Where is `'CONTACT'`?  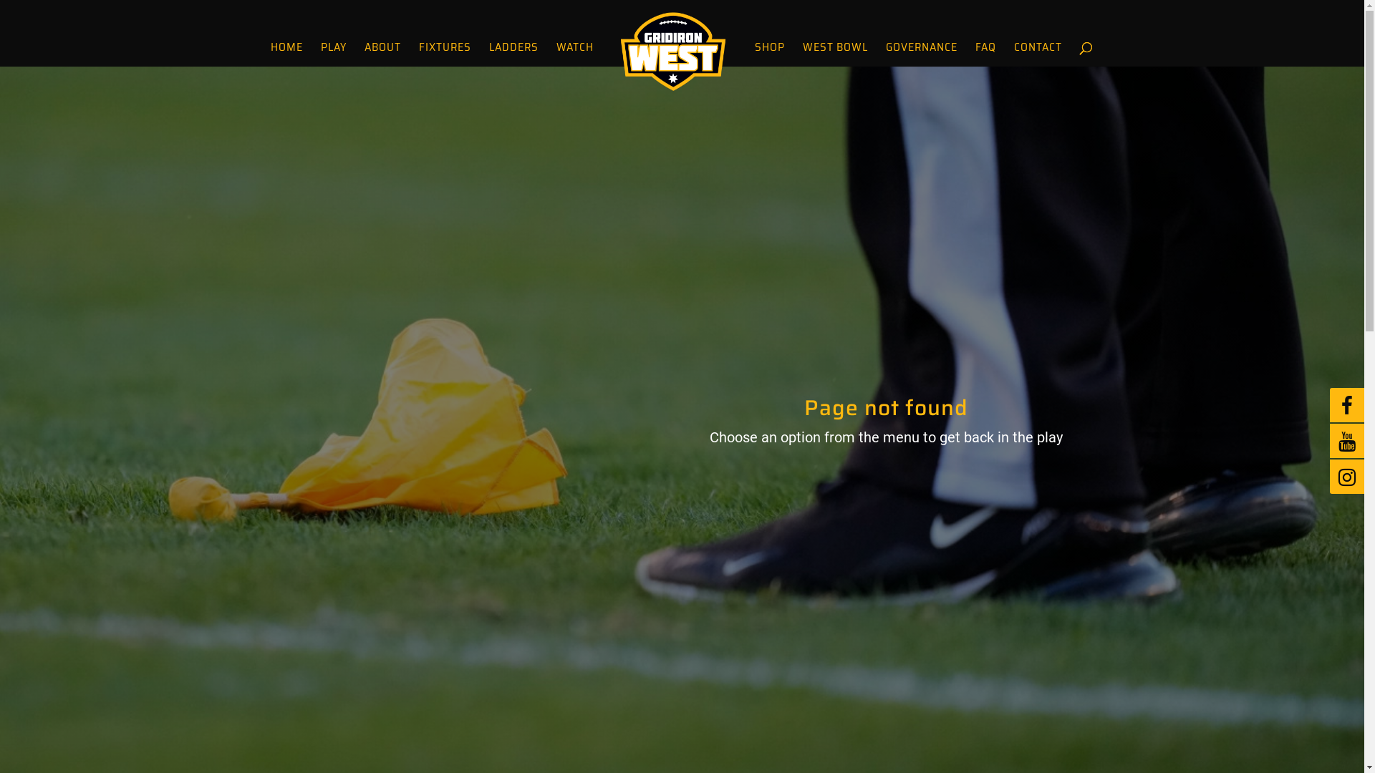 'CONTACT' is located at coordinates (1038, 54).